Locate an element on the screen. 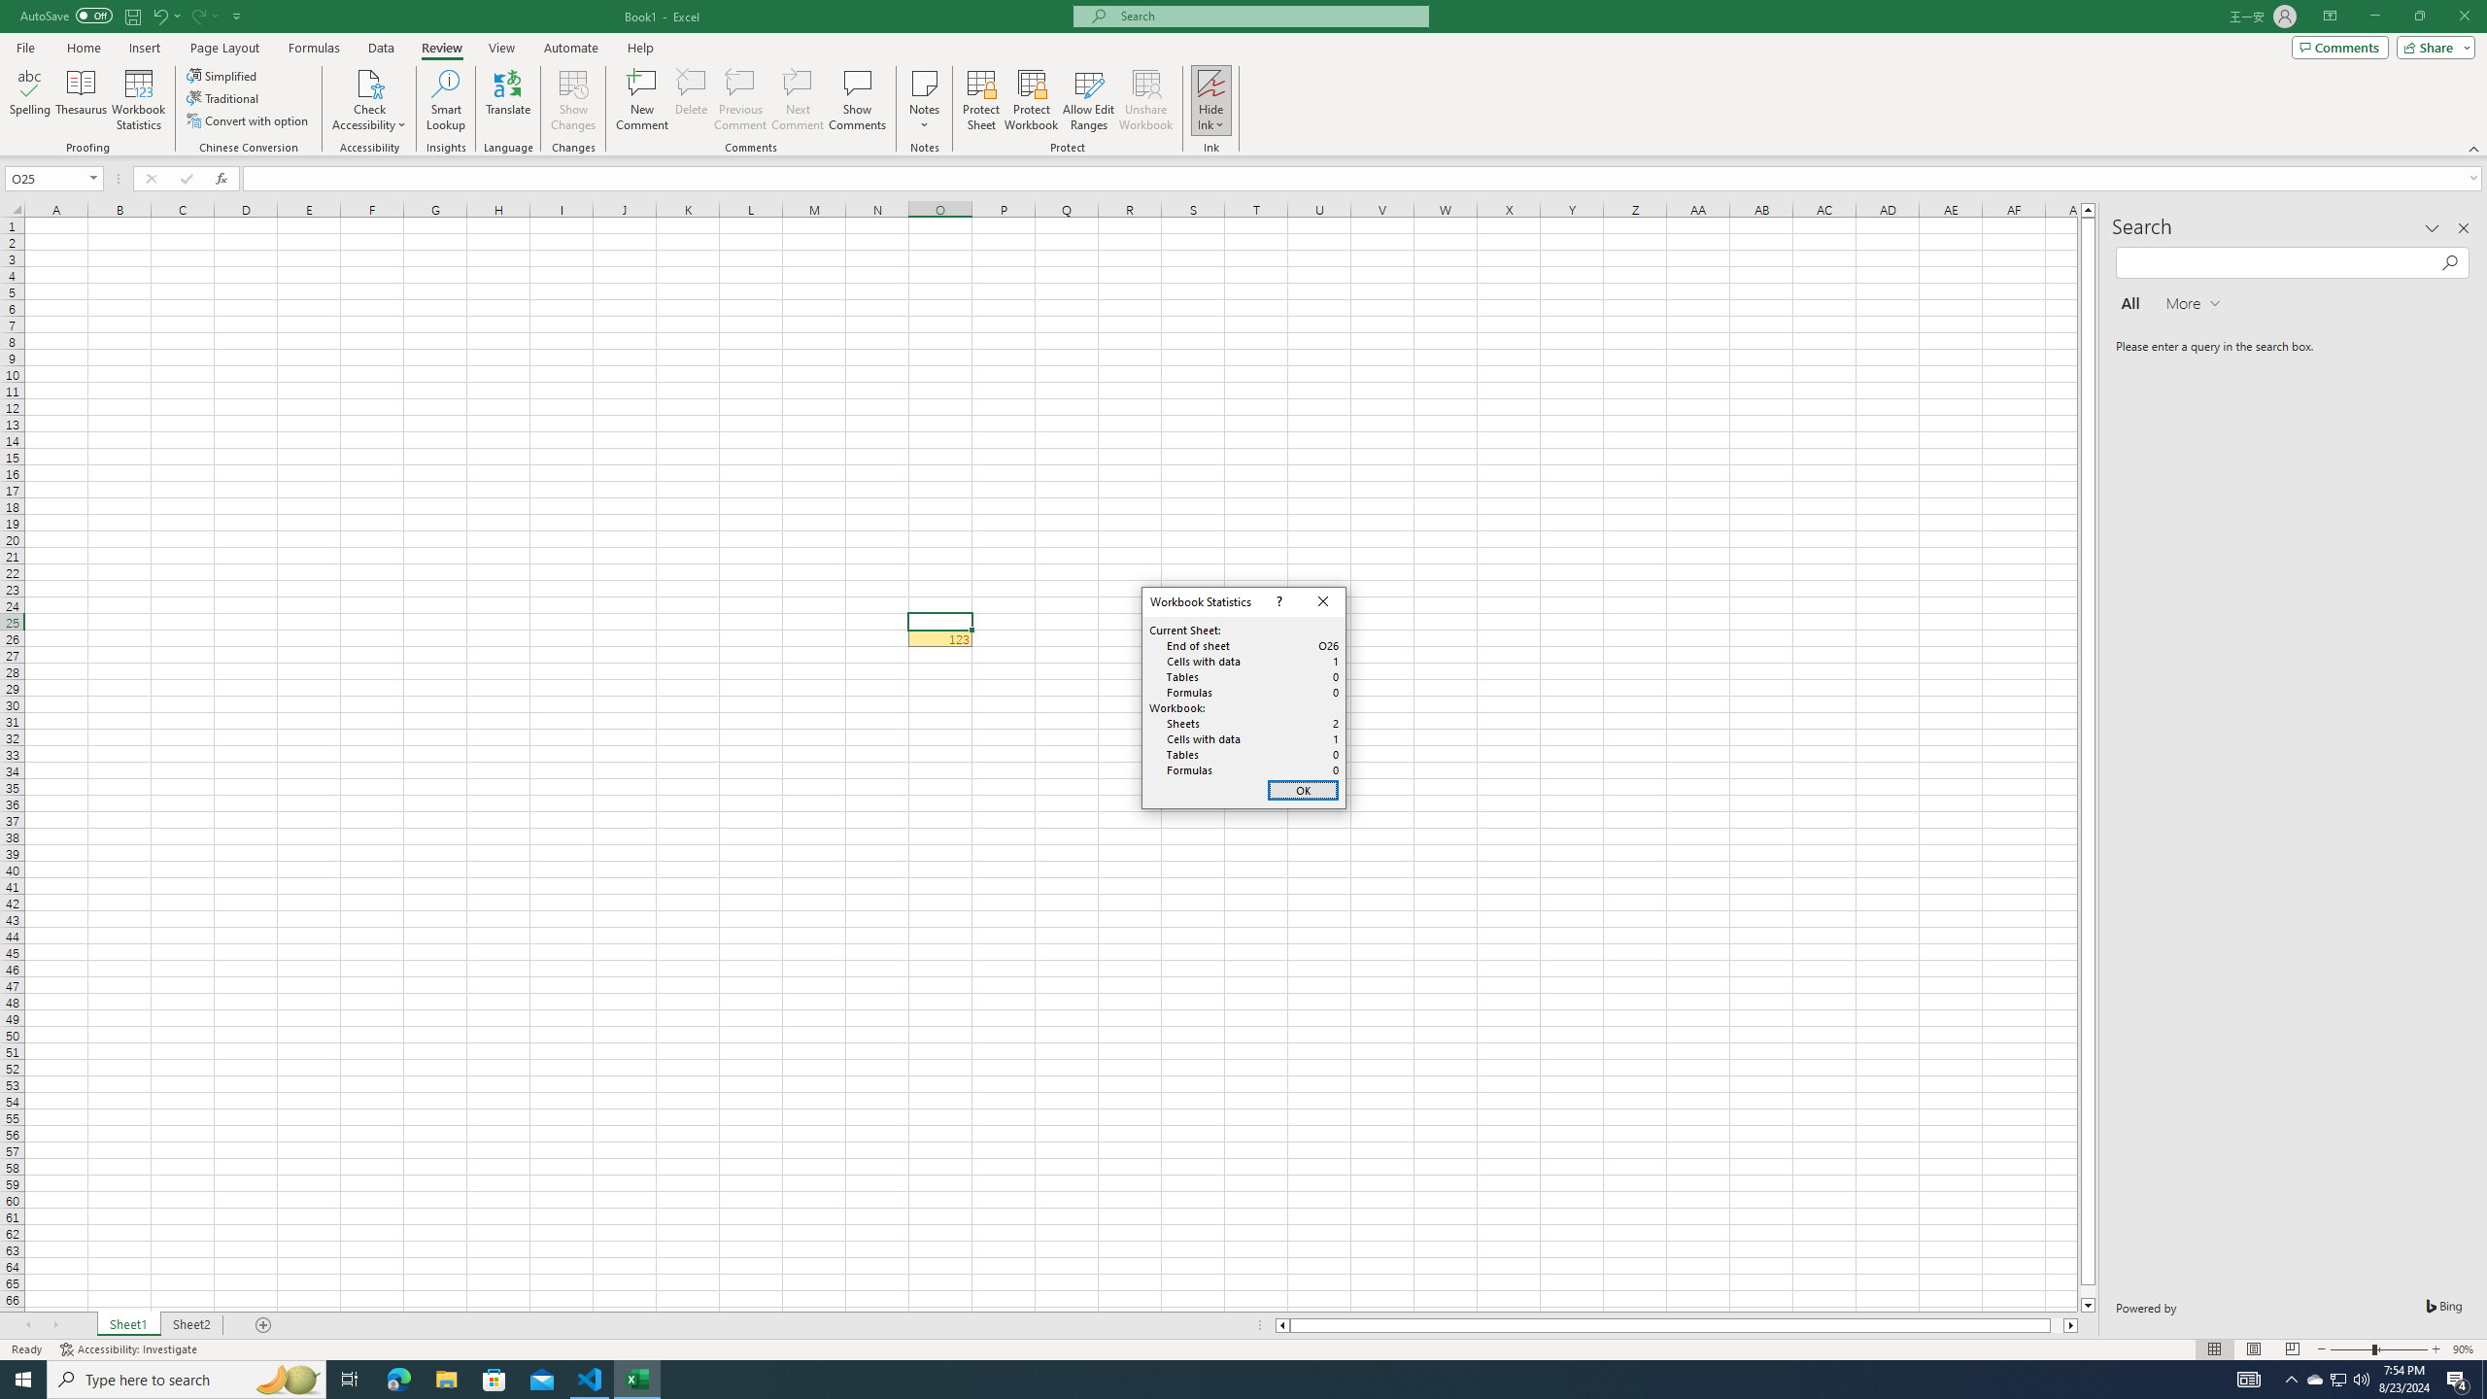 The image size is (2487, 1399). 'Protect Workbook...' is located at coordinates (1031, 100).